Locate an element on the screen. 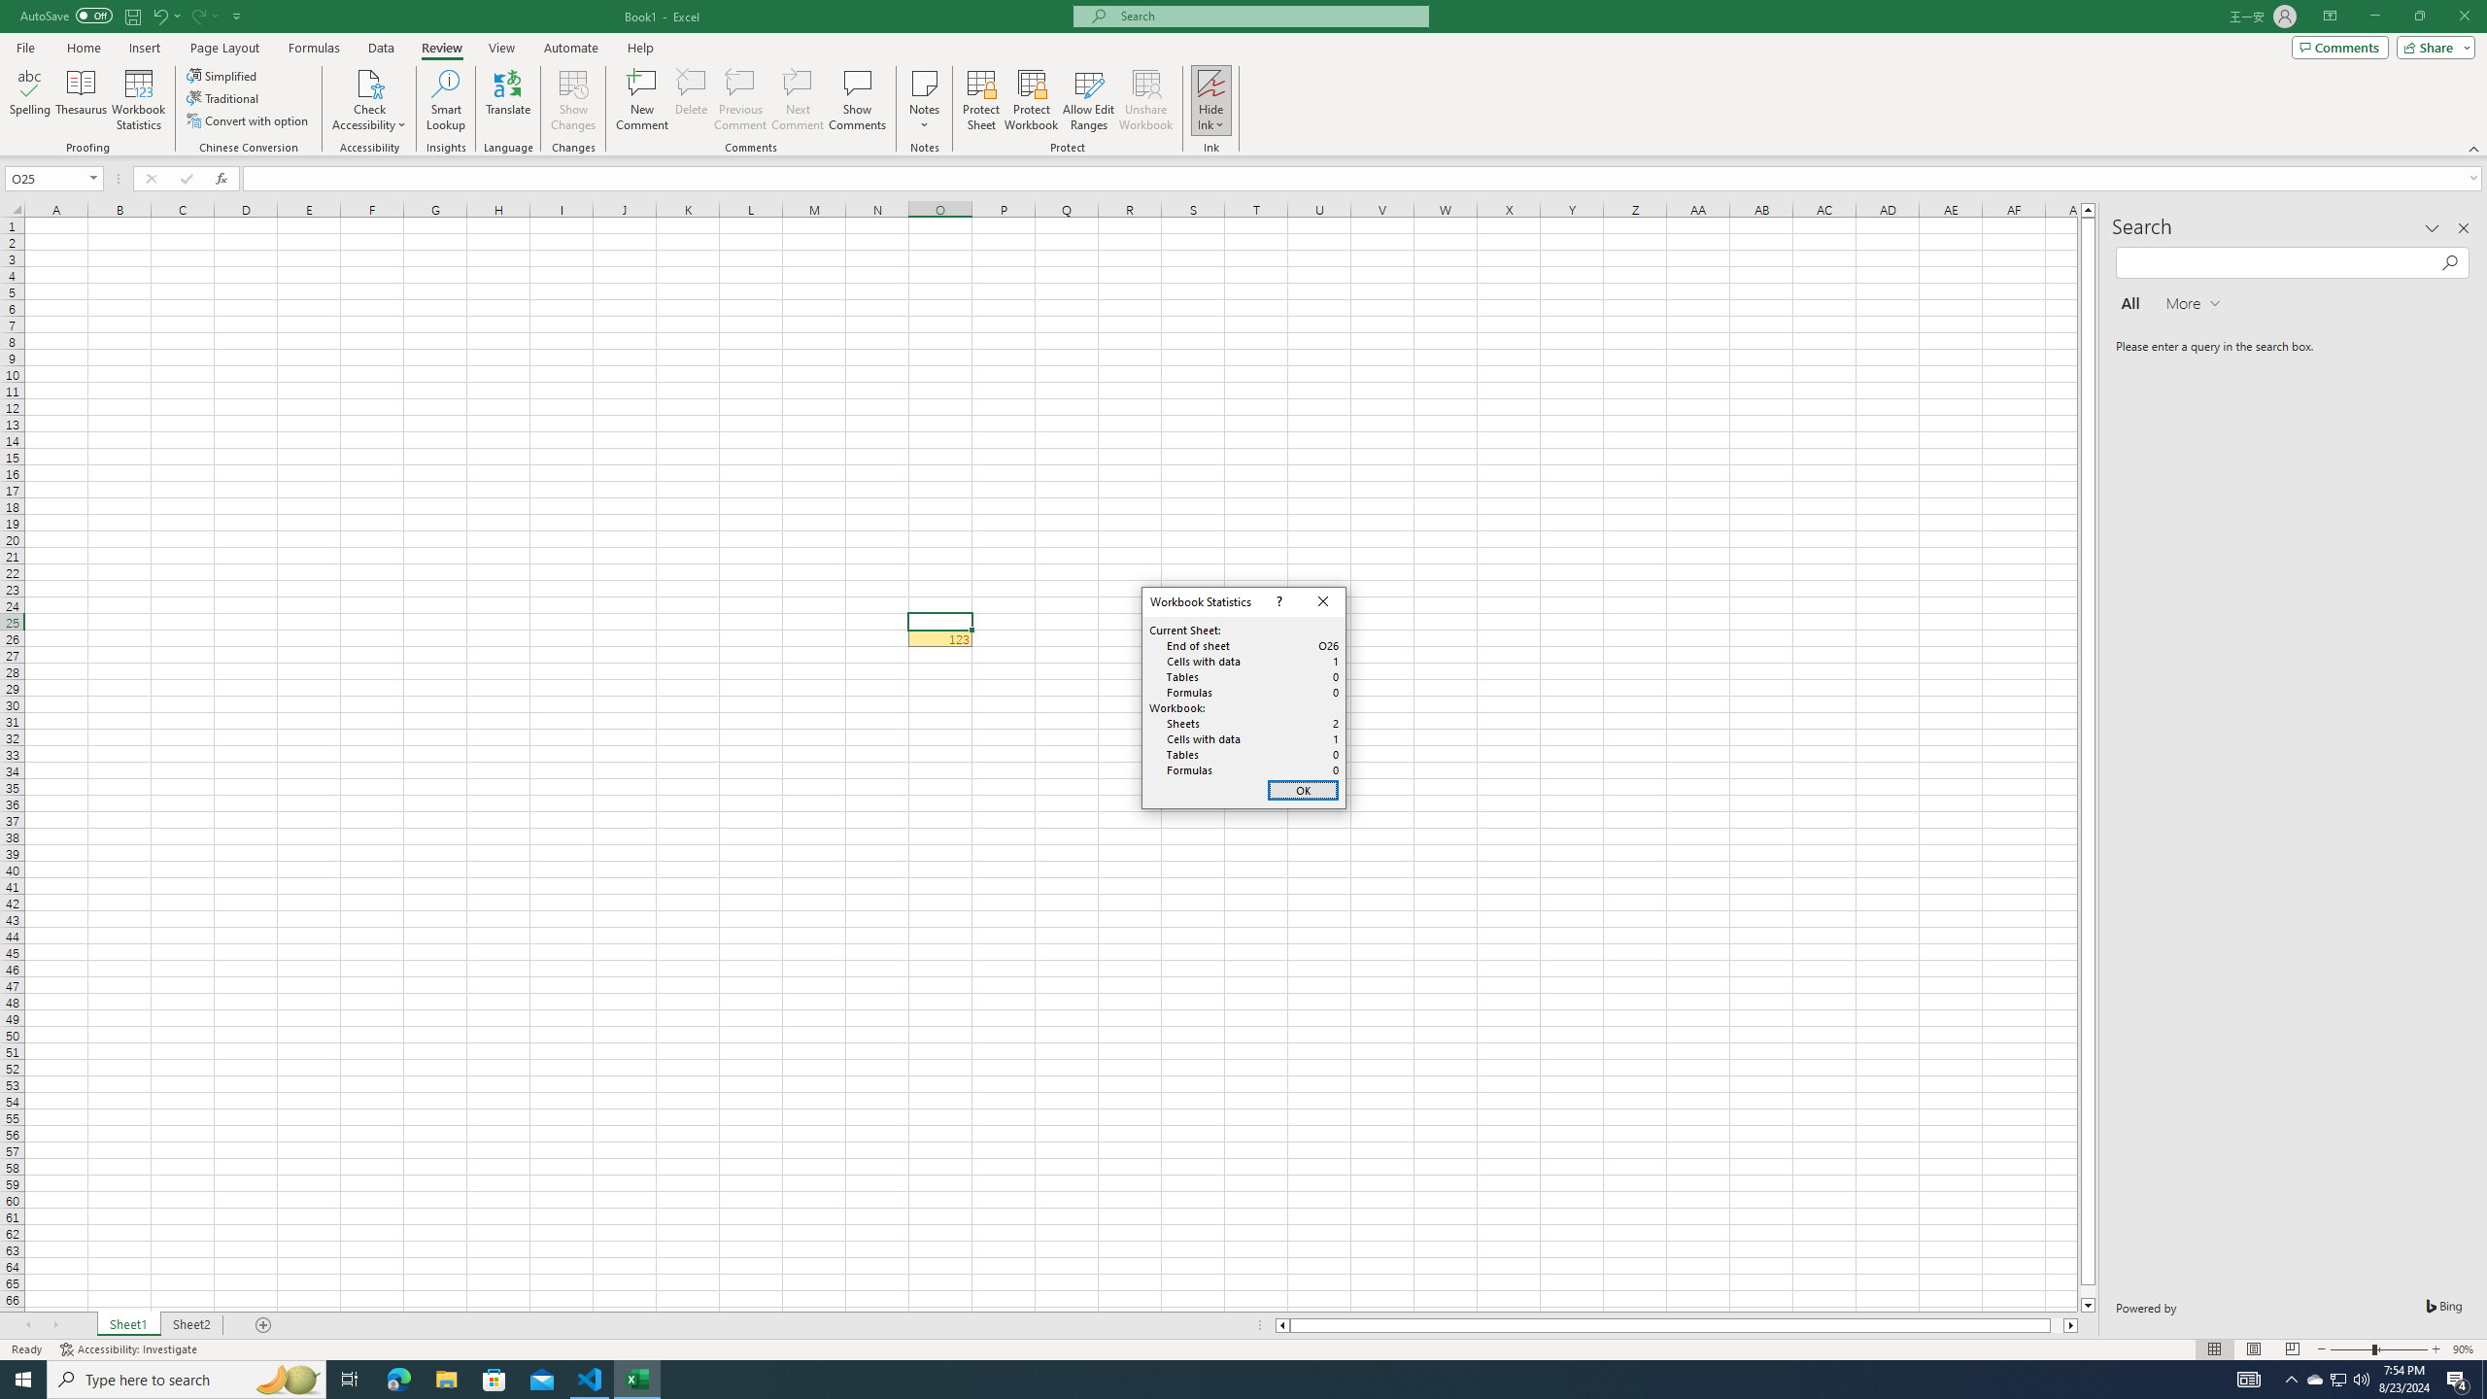 The image size is (2487, 1399). 'Protect Workbook...' is located at coordinates (1031, 100).